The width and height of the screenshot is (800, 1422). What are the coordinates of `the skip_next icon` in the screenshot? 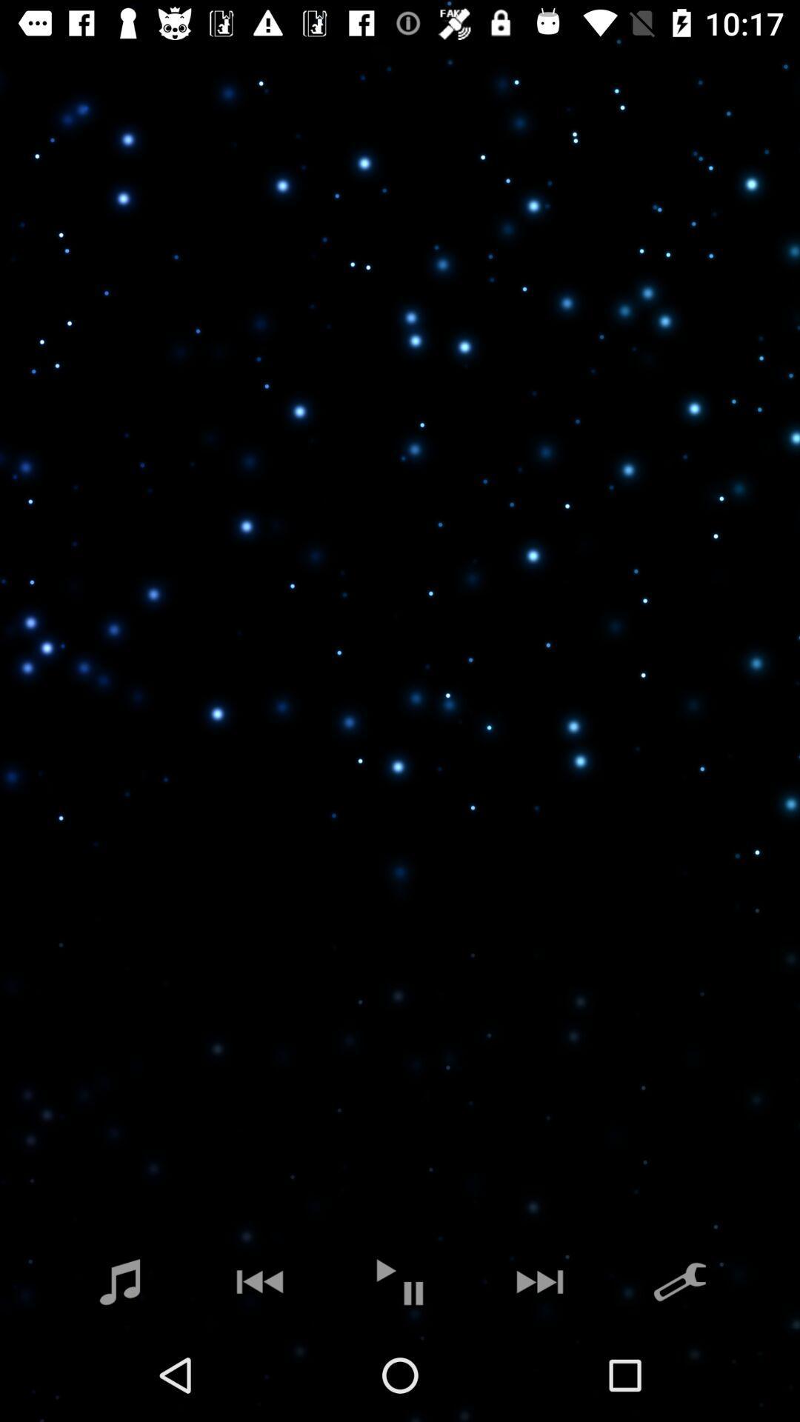 It's located at (540, 1281).